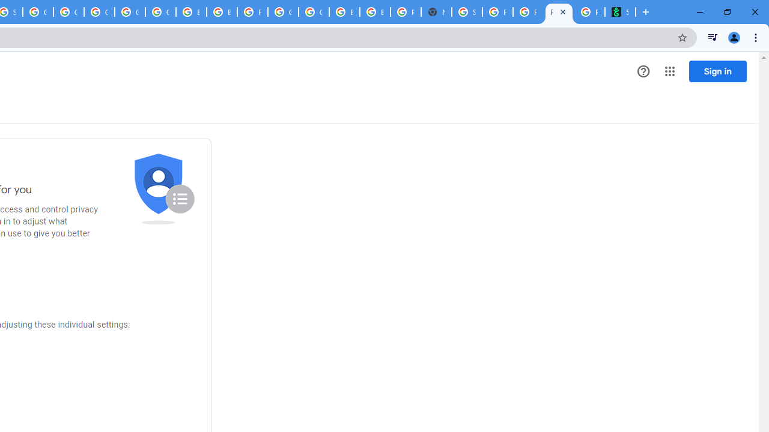 The height and width of the screenshot is (432, 769). What do you see at coordinates (190, 12) in the screenshot?
I see `'Browse Chrome as a guest - Computer - Google Chrome Help'` at bounding box center [190, 12].